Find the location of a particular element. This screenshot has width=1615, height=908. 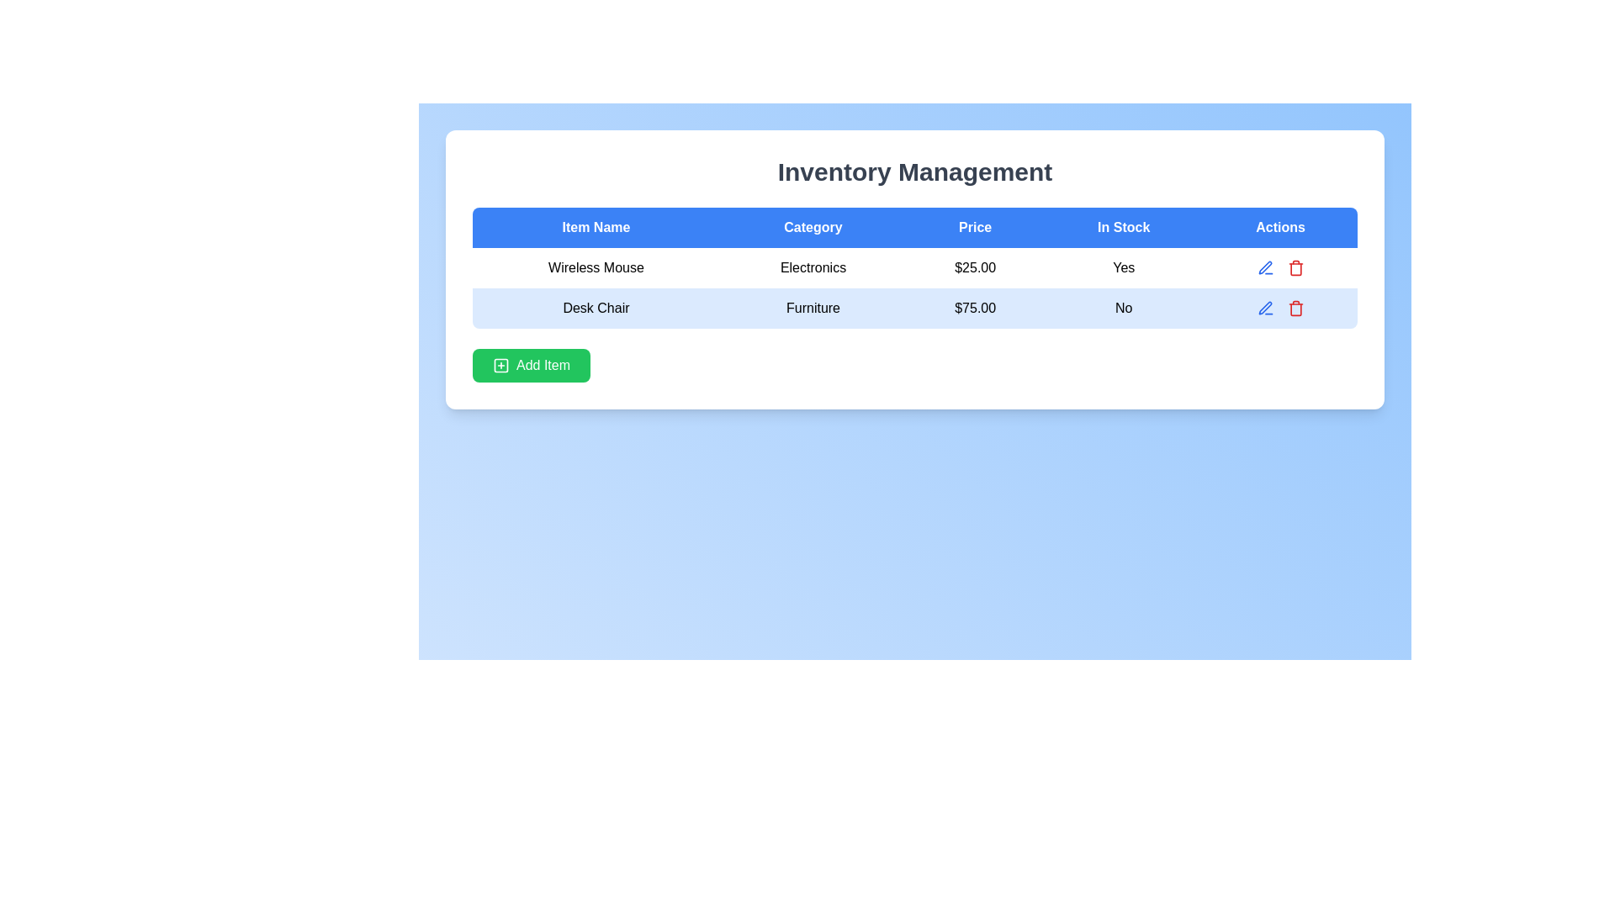

the Text Label that serves as the first column header for the table, indicating the names of items, positioned to the far left of the headers 'Category', 'Price', 'In Stock', and 'Actions' is located at coordinates (596, 227).